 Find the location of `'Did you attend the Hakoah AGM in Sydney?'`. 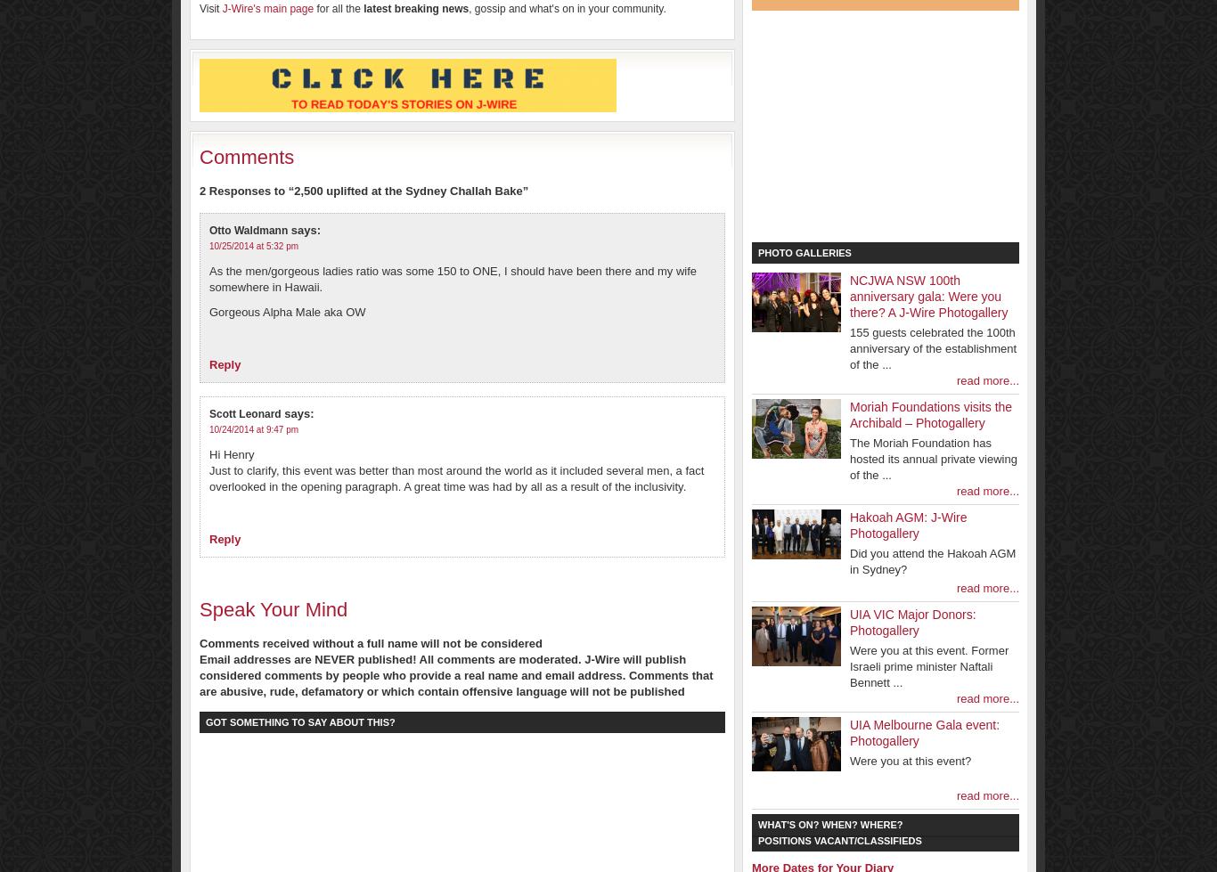

'Did you attend the Hakoah AGM in Sydney?' is located at coordinates (932, 560).